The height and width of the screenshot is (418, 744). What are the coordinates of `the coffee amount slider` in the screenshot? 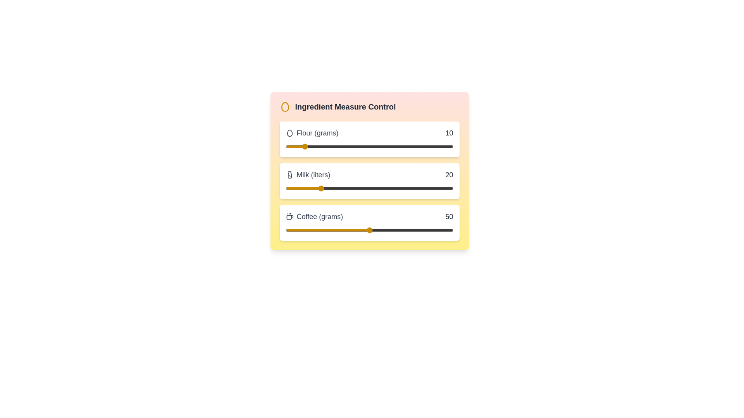 It's located at (379, 230).